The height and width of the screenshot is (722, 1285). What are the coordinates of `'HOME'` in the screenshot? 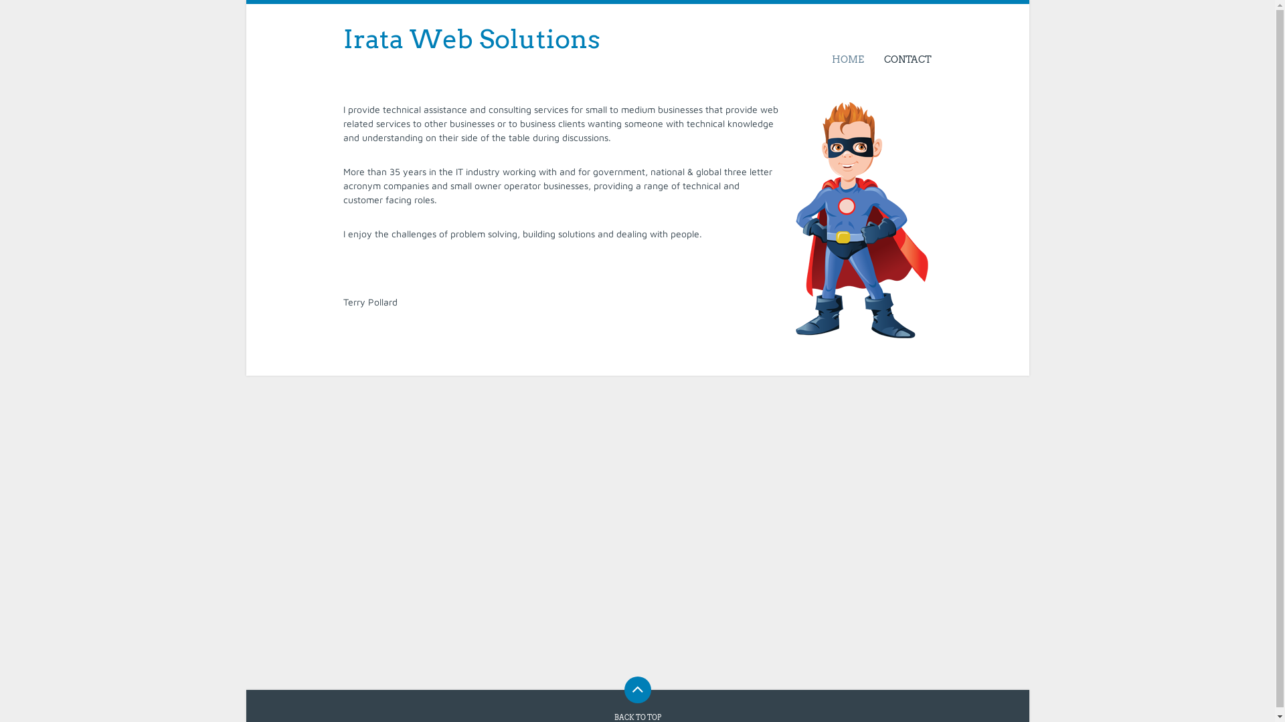 It's located at (847, 58).